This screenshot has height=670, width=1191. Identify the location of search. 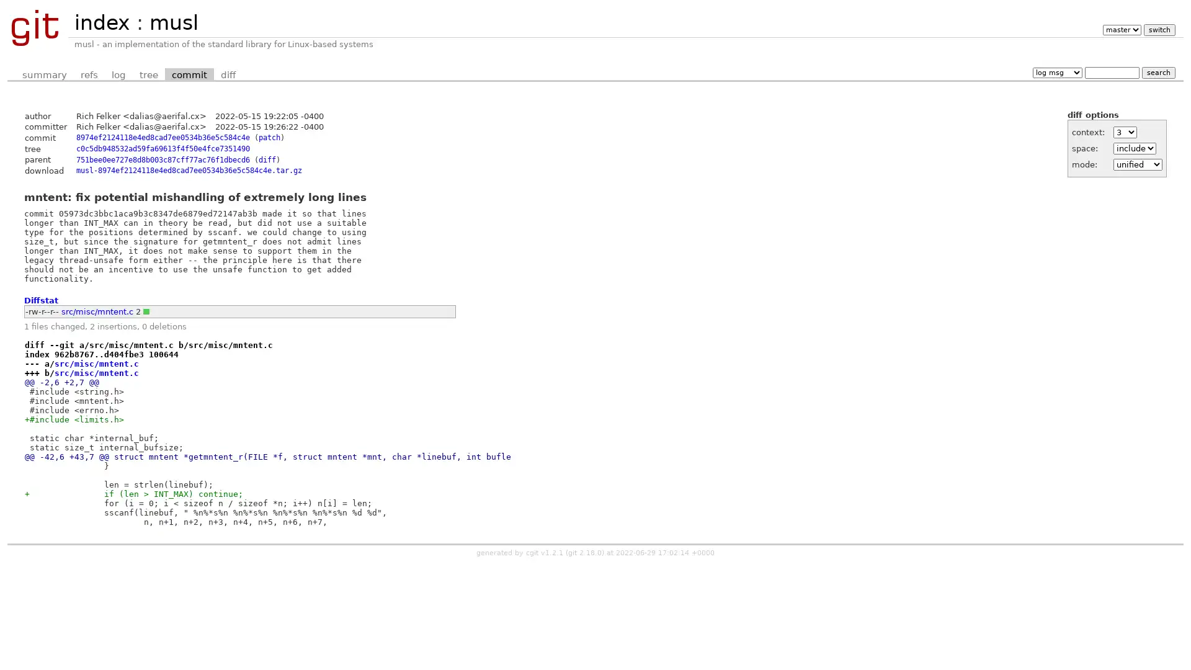
(1158, 72).